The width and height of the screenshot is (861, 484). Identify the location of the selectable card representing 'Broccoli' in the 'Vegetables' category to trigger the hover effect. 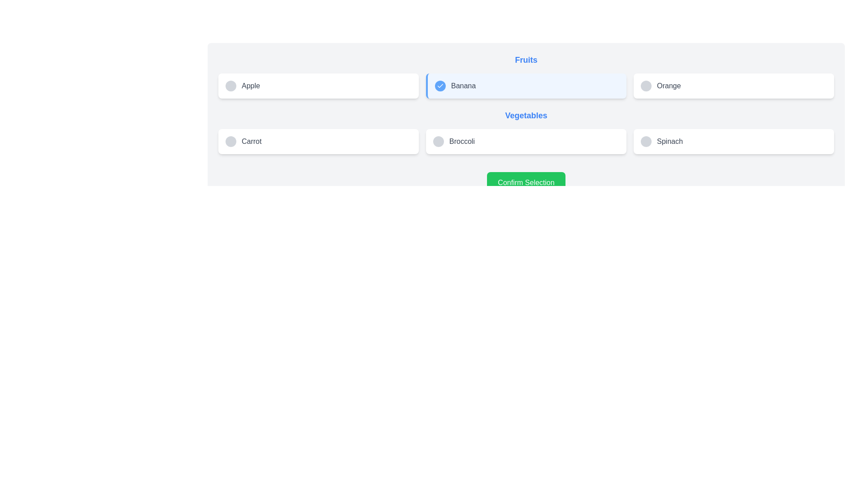
(526, 141).